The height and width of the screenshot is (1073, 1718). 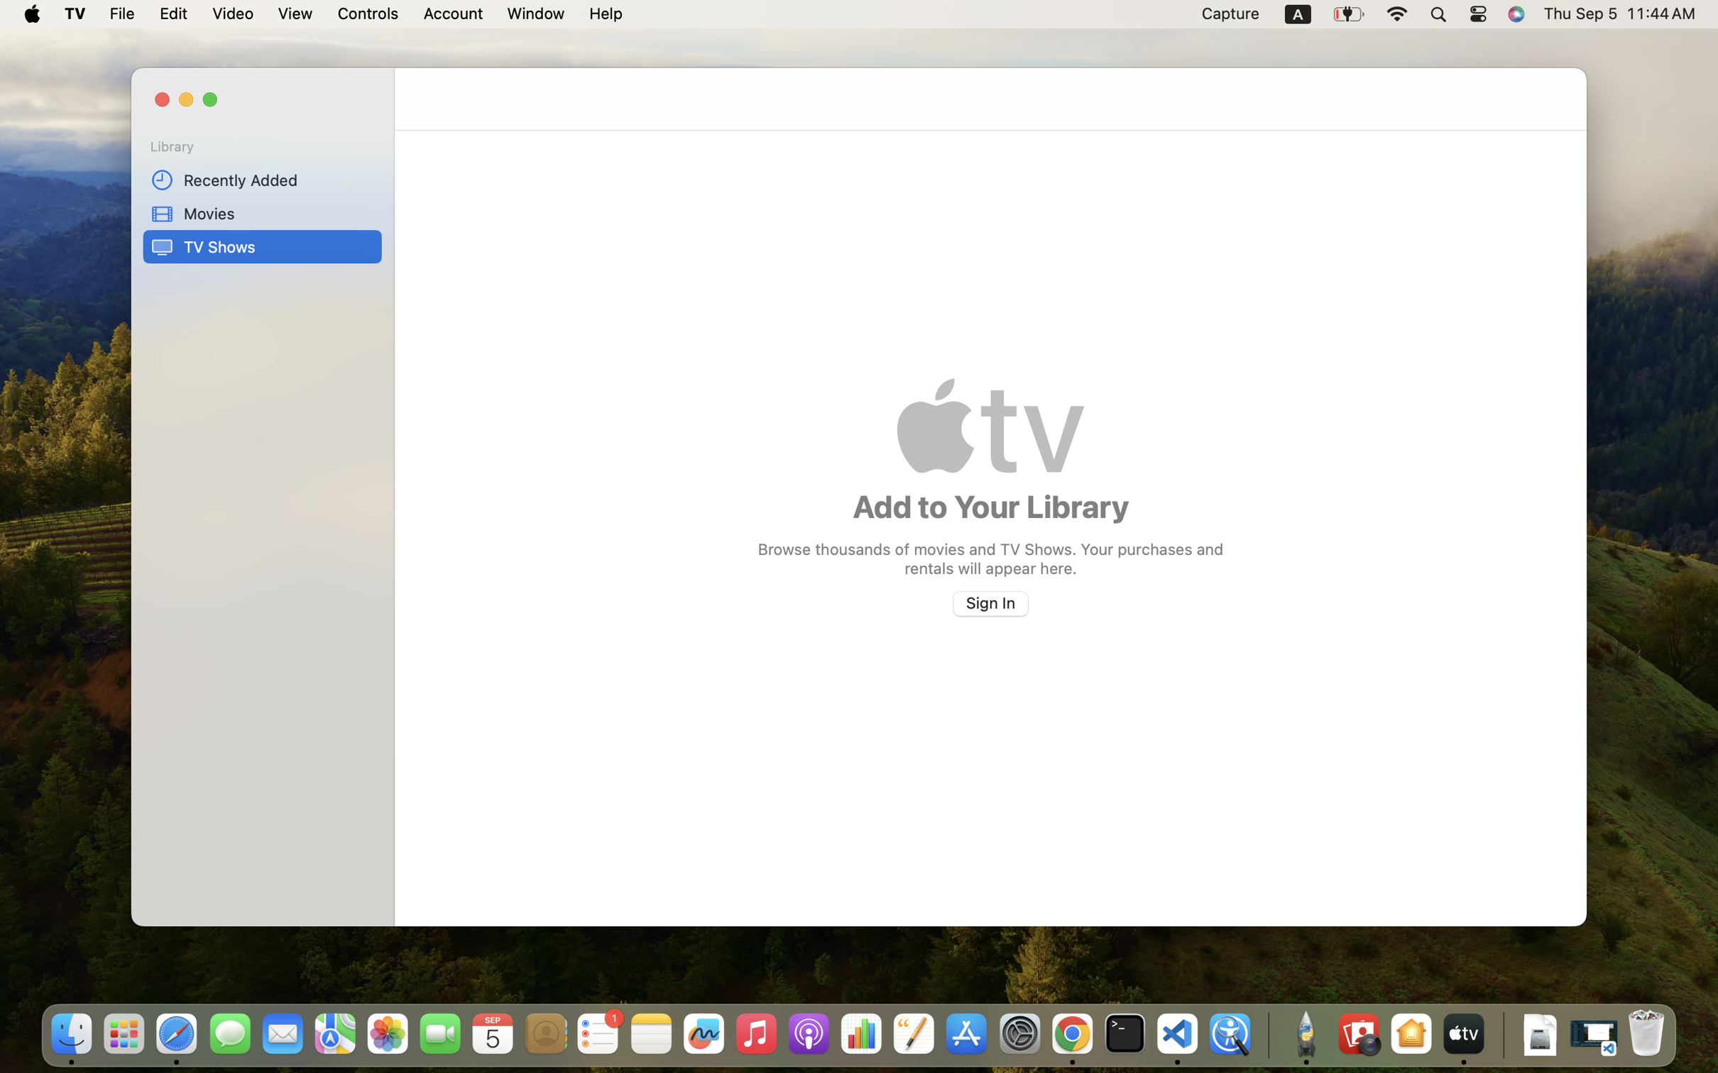 I want to click on 'Browse thousands of movies and TV Shows. Your purchases and rentals will appear here.', so click(x=990, y=557).